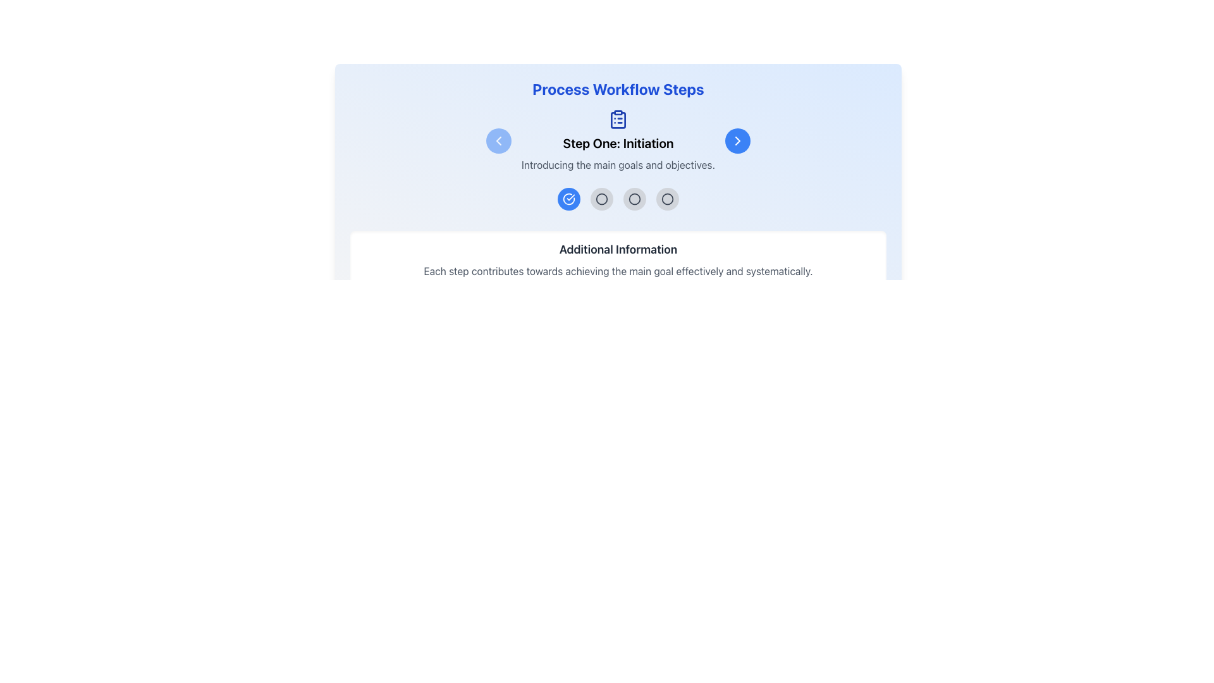 The width and height of the screenshot is (1214, 683). What do you see at coordinates (618, 141) in the screenshot?
I see `the clipboard icon located just below the 'Process Workflow Steps' header and aligned with the title 'Step One: Initiation.'` at bounding box center [618, 141].